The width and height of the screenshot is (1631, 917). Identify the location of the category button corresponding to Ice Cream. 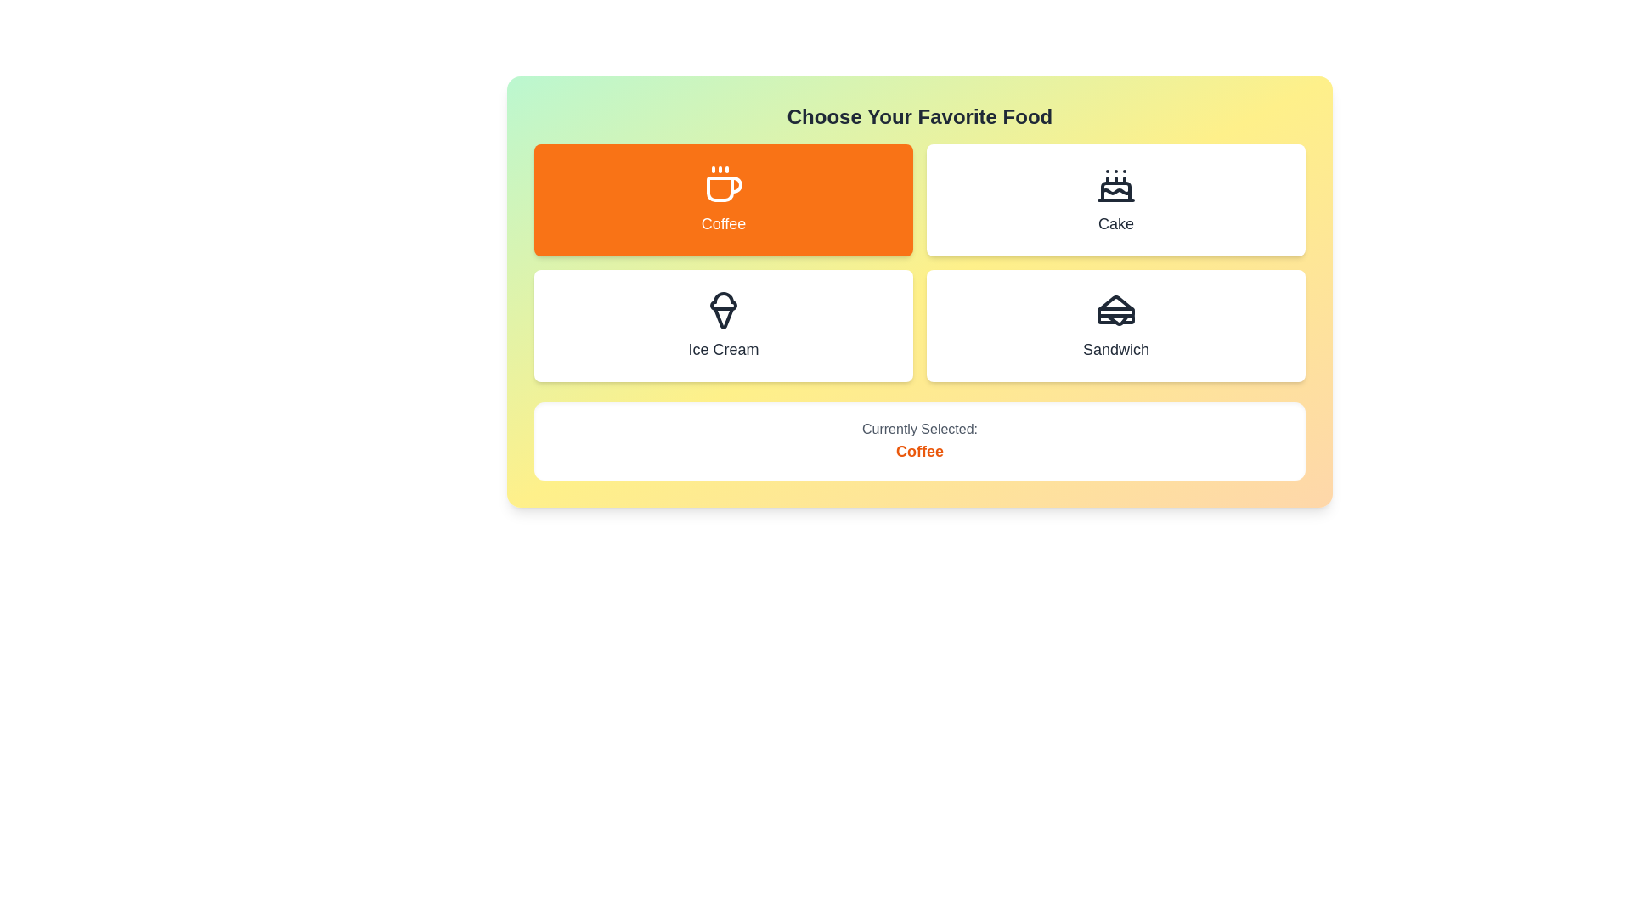
(723, 326).